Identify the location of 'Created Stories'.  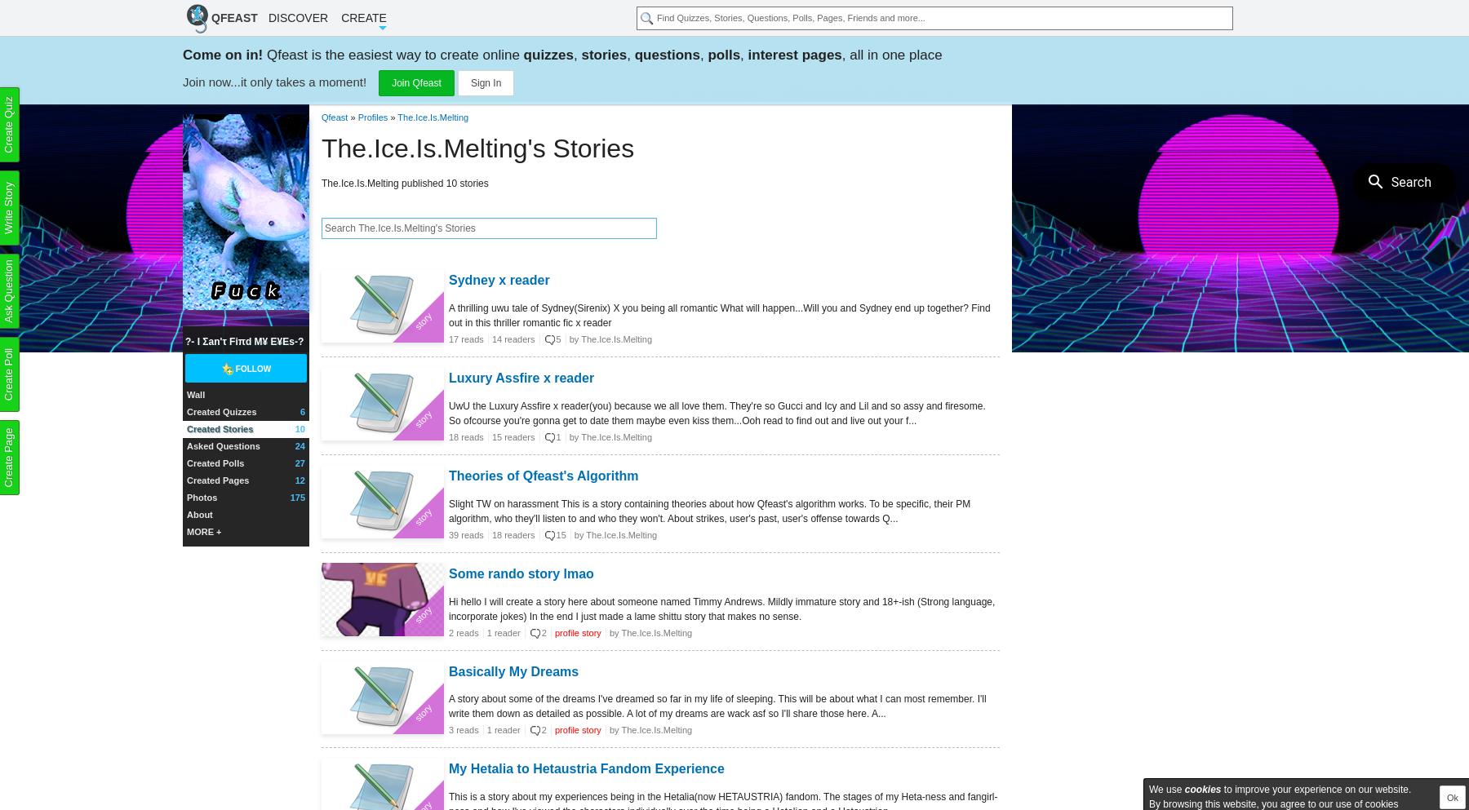
(219, 428).